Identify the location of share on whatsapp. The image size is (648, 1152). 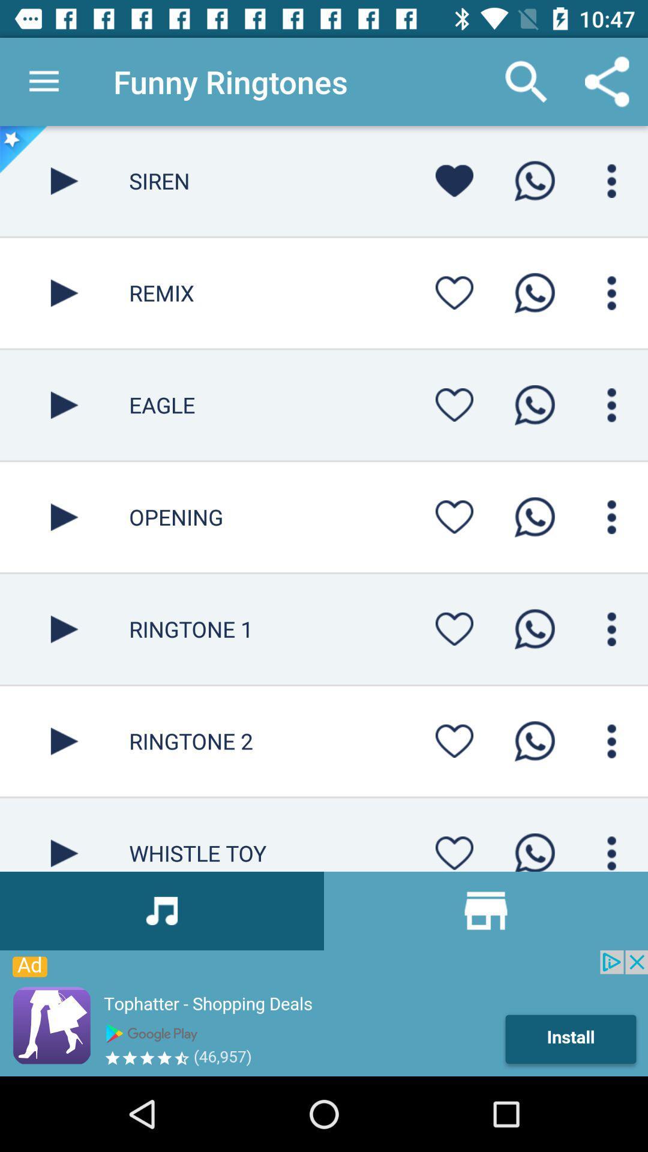
(534, 848).